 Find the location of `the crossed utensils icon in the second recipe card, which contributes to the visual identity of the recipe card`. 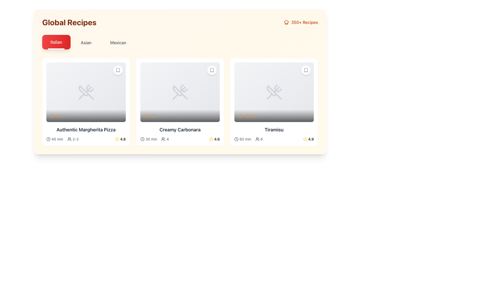

the crossed utensils icon in the second recipe card, which contributes to the visual identity of the recipe card is located at coordinates (182, 90).